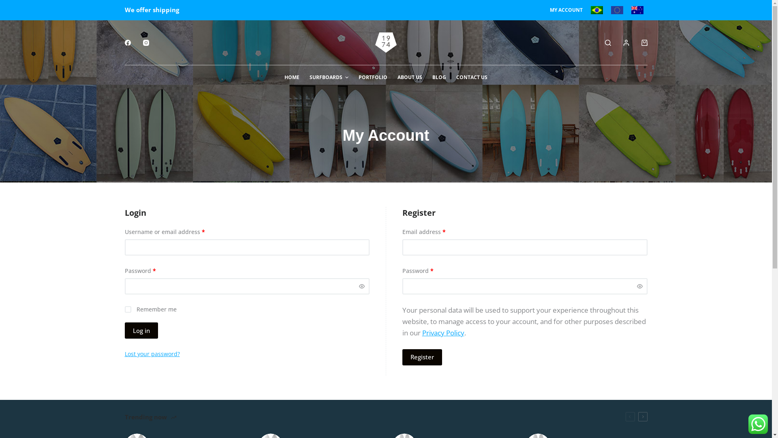 The height and width of the screenshot is (438, 778). What do you see at coordinates (141, 330) in the screenshot?
I see `'Log in'` at bounding box center [141, 330].